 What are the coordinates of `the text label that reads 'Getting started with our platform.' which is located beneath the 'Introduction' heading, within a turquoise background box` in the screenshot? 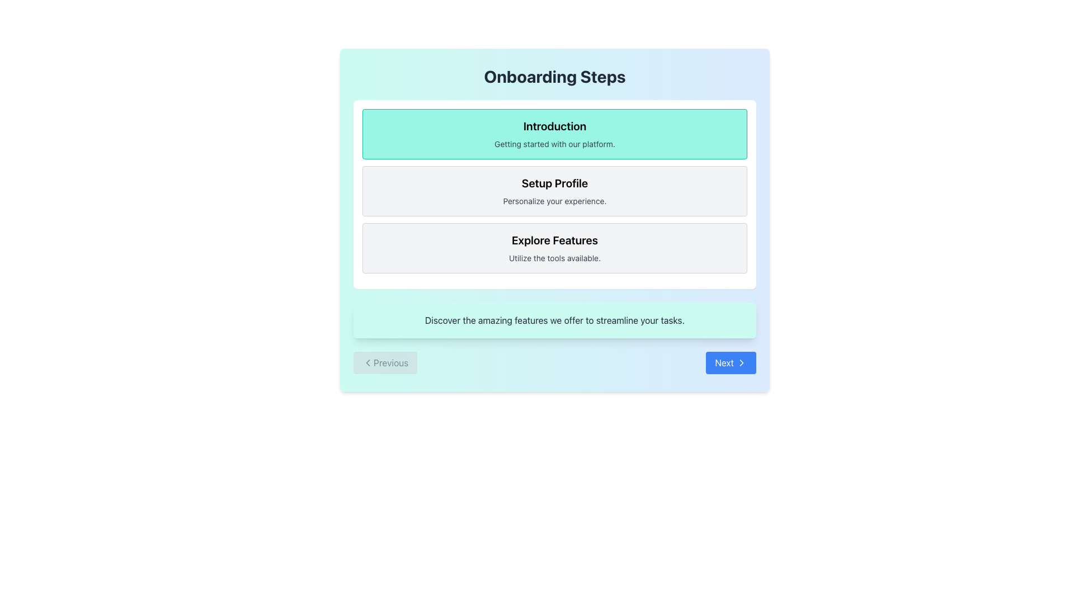 It's located at (555, 144).